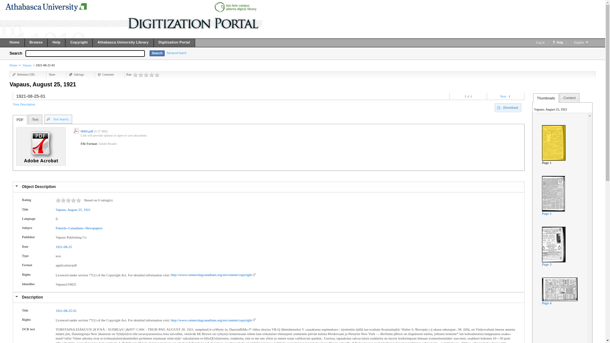  I want to click on '5', so click(157, 74).